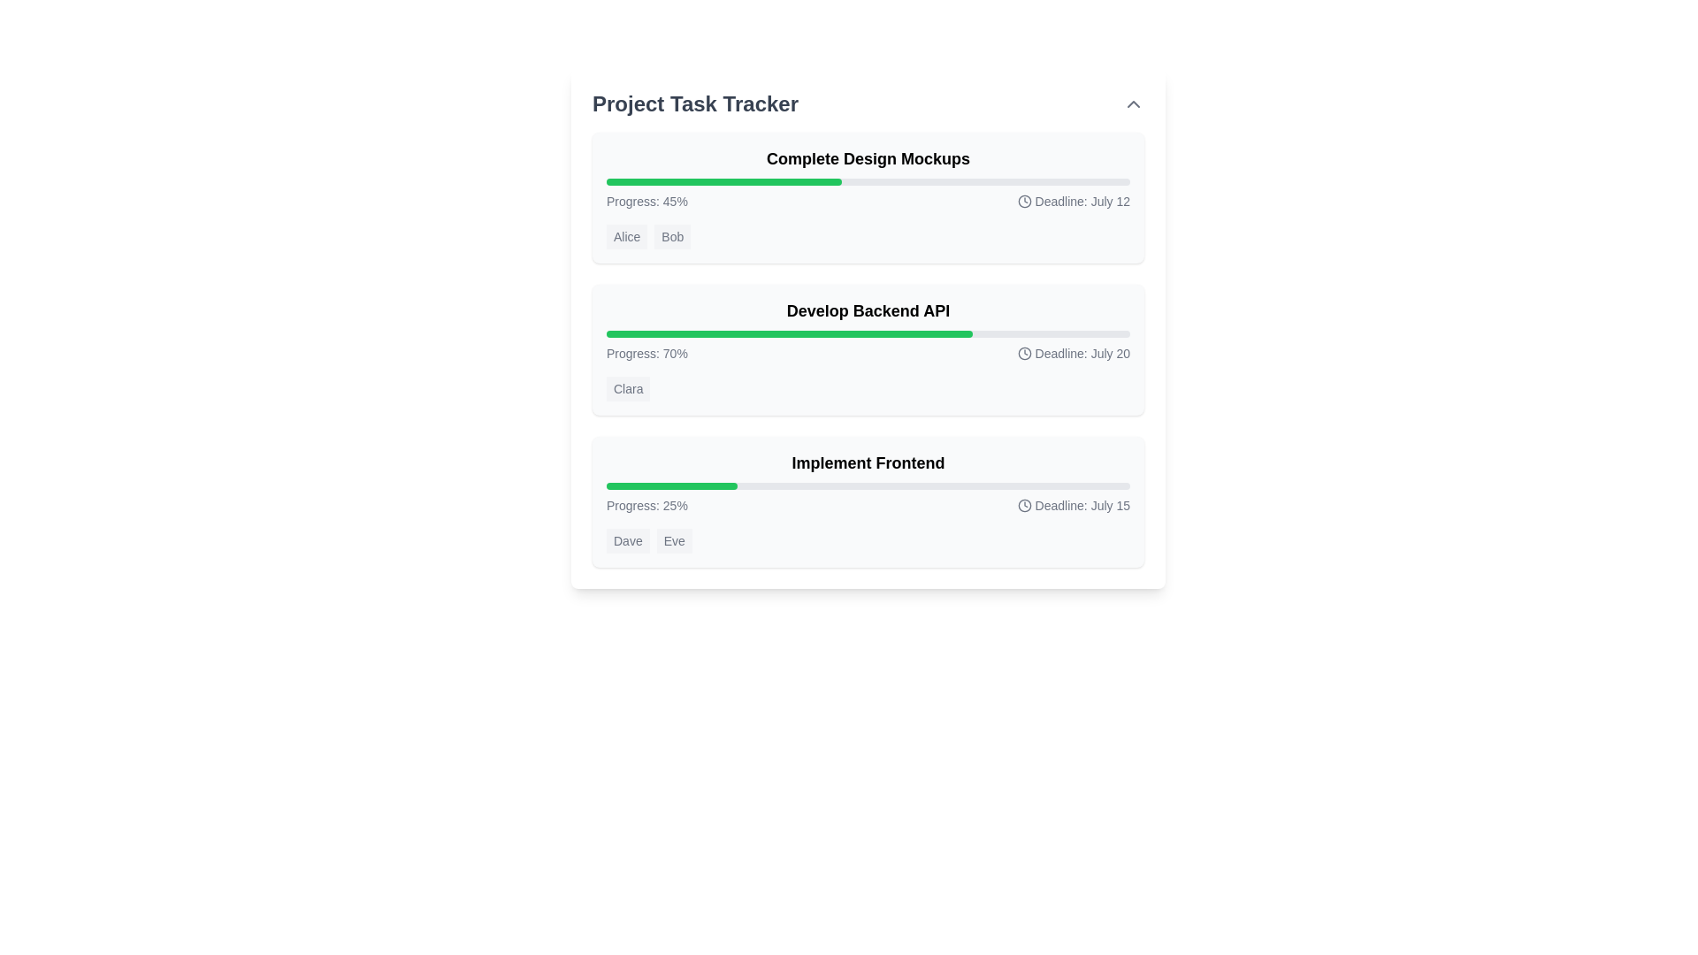  What do you see at coordinates (646, 200) in the screenshot?
I see `the text label displaying the progress percentage of a task, which shows 'Progress: 45% Deadline: July 12' and is located in the top task box labeled 'Complete Design Mockups'` at bounding box center [646, 200].